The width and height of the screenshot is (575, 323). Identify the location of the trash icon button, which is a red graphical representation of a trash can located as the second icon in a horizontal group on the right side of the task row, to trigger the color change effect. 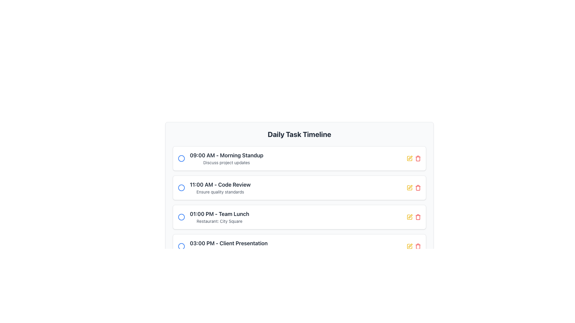
(418, 217).